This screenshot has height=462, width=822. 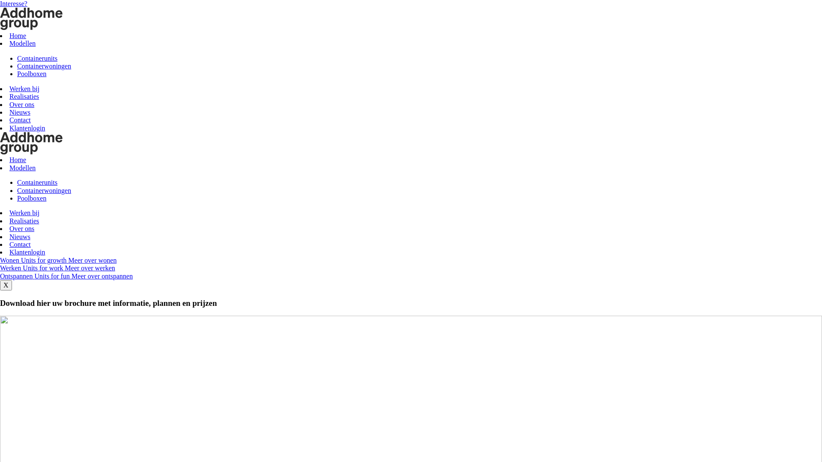 I want to click on 'Klantenlogin', so click(x=27, y=252).